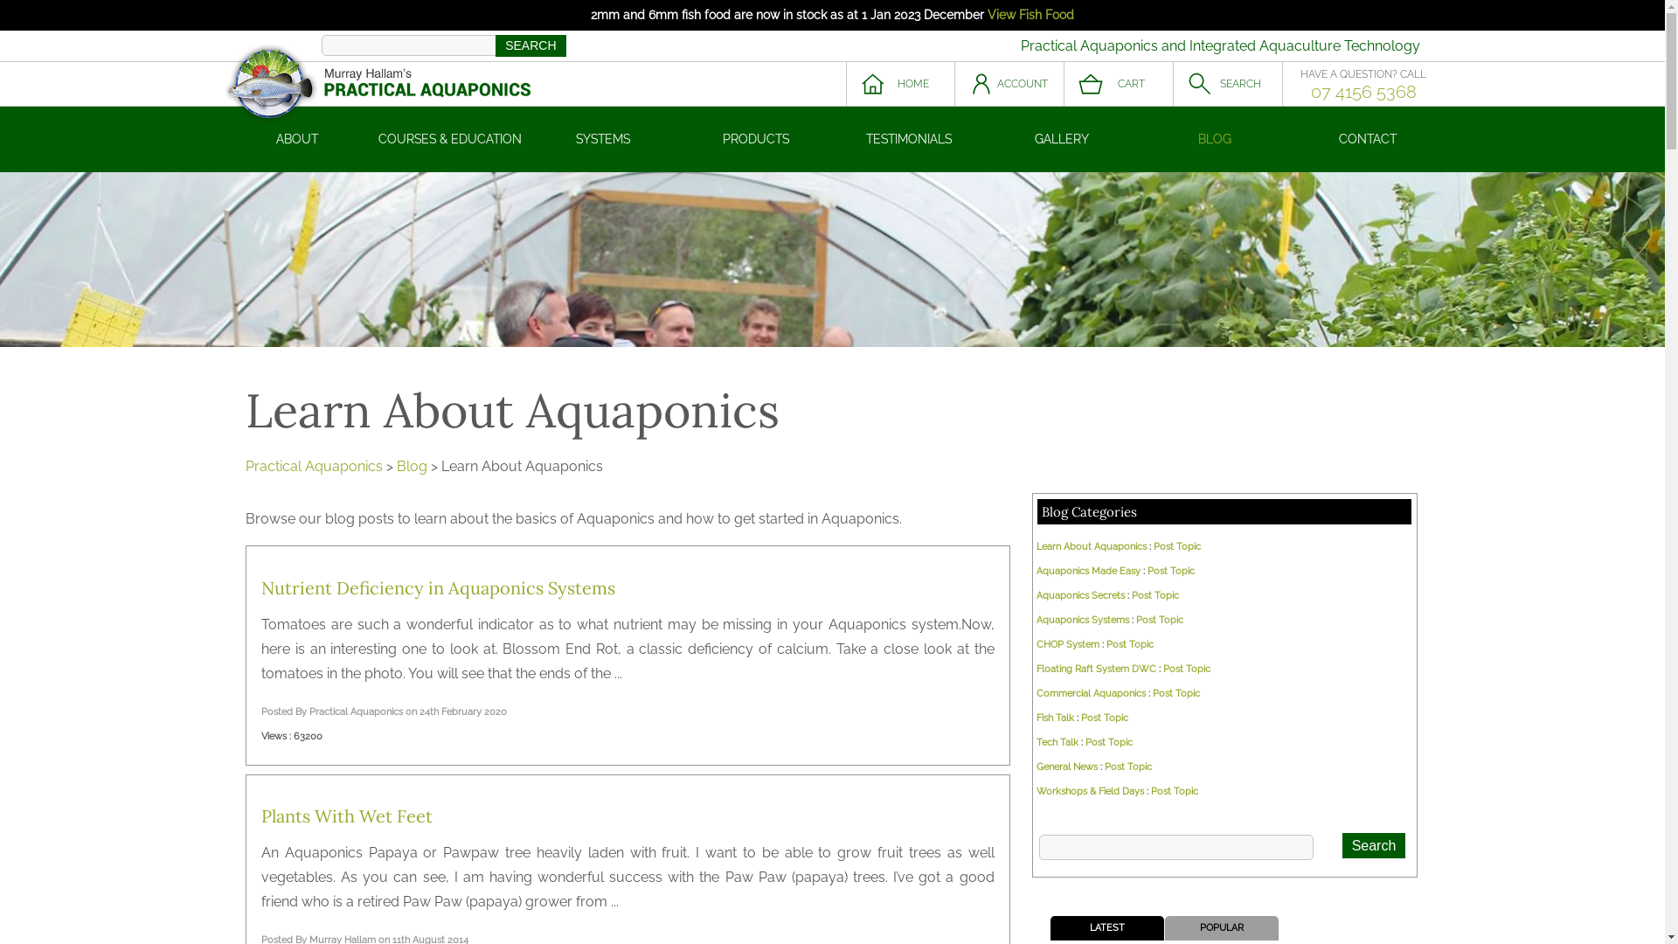 Image resolution: width=1678 pixels, height=944 pixels. What do you see at coordinates (529, 45) in the screenshot?
I see `'SEARCH'` at bounding box center [529, 45].